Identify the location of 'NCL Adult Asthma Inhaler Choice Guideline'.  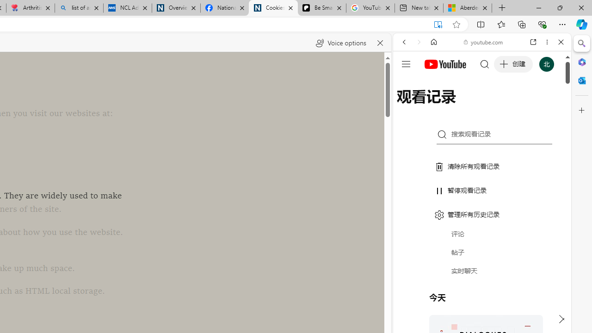
(127, 8).